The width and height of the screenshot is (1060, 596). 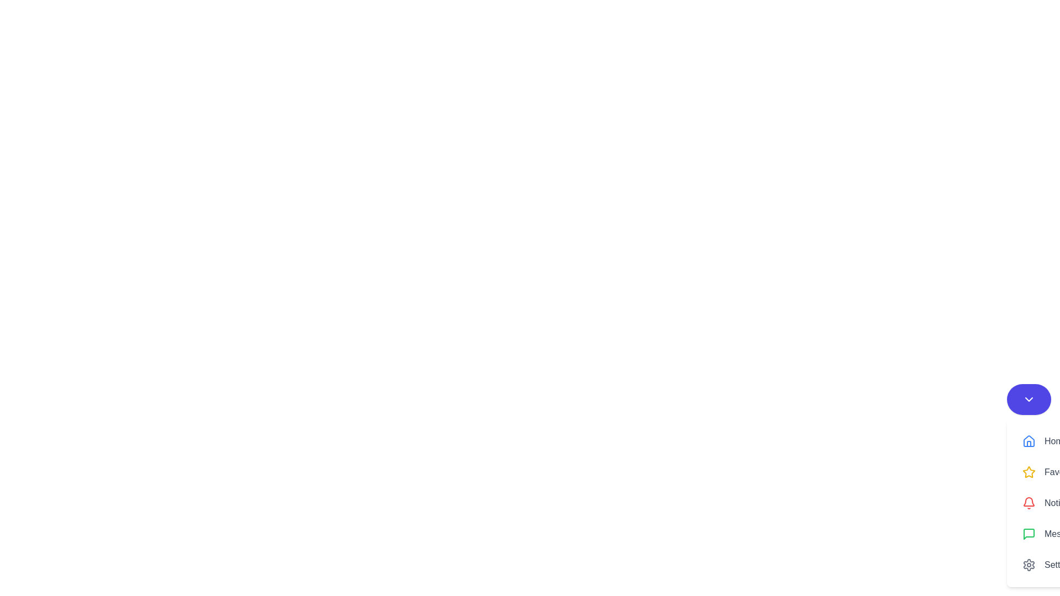 I want to click on the 'Home' navigation icon, so click(x=1028, y=440).